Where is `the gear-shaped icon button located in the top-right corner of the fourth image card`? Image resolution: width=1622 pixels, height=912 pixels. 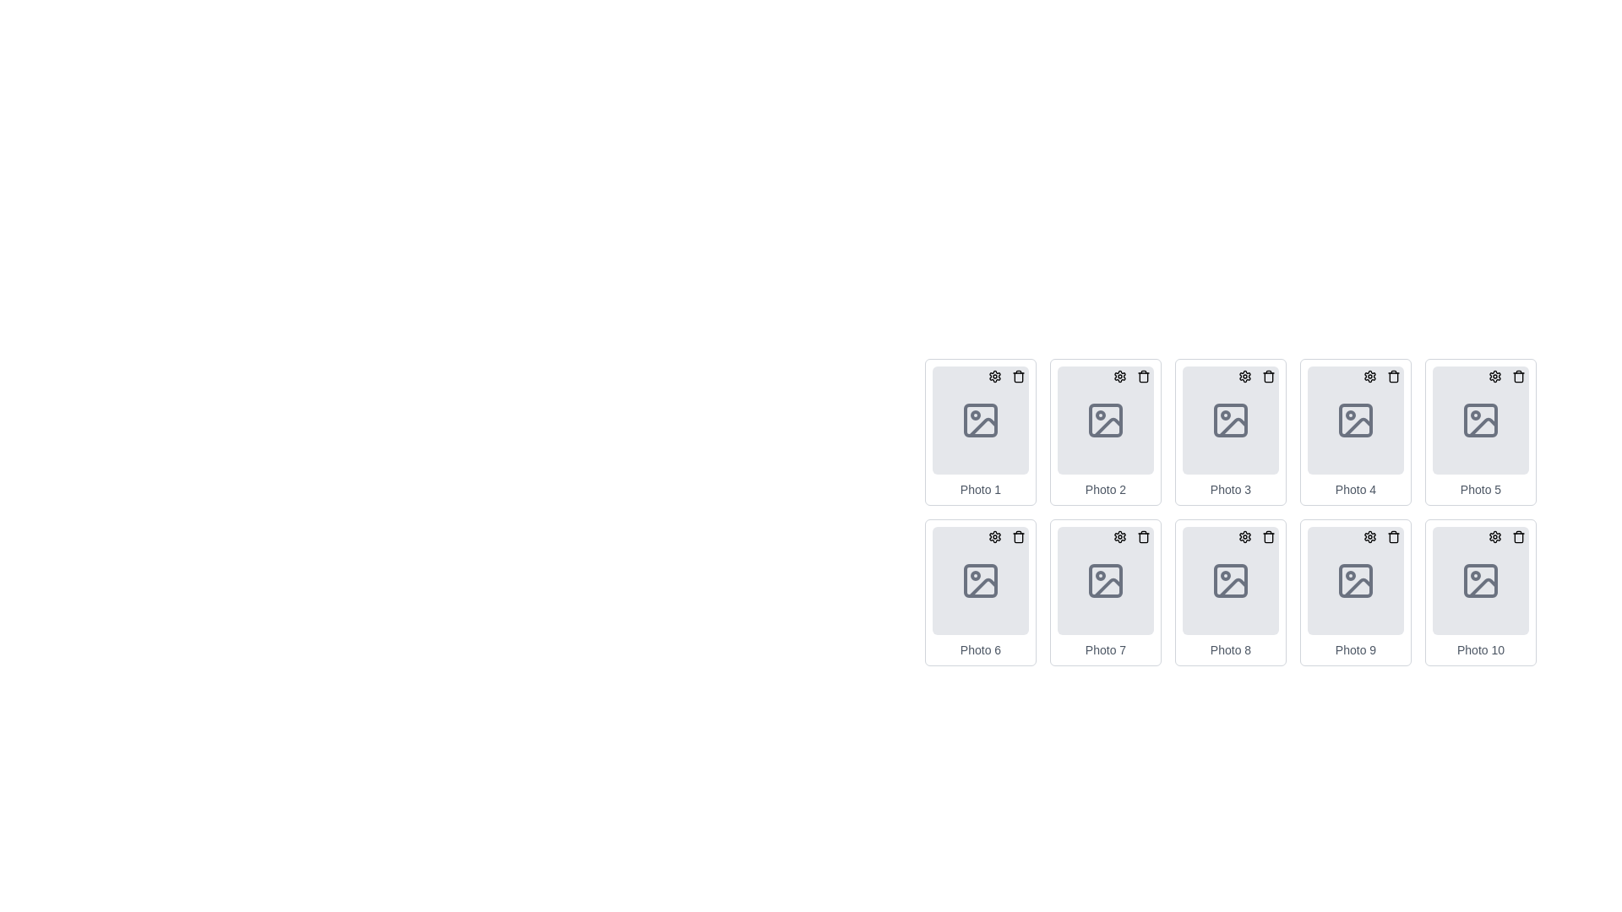
the gear-shaped icon button located in the top-right corner of the fourth image card is located at coordinates (1370, 376).